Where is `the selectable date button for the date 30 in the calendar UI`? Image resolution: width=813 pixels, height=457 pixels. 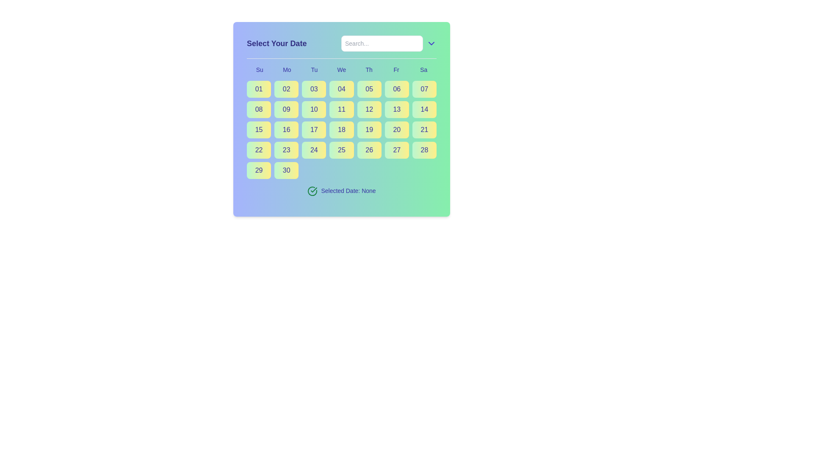
the selectable date button for the date 30 in the calendar UI is located at coordinates (286, 170).